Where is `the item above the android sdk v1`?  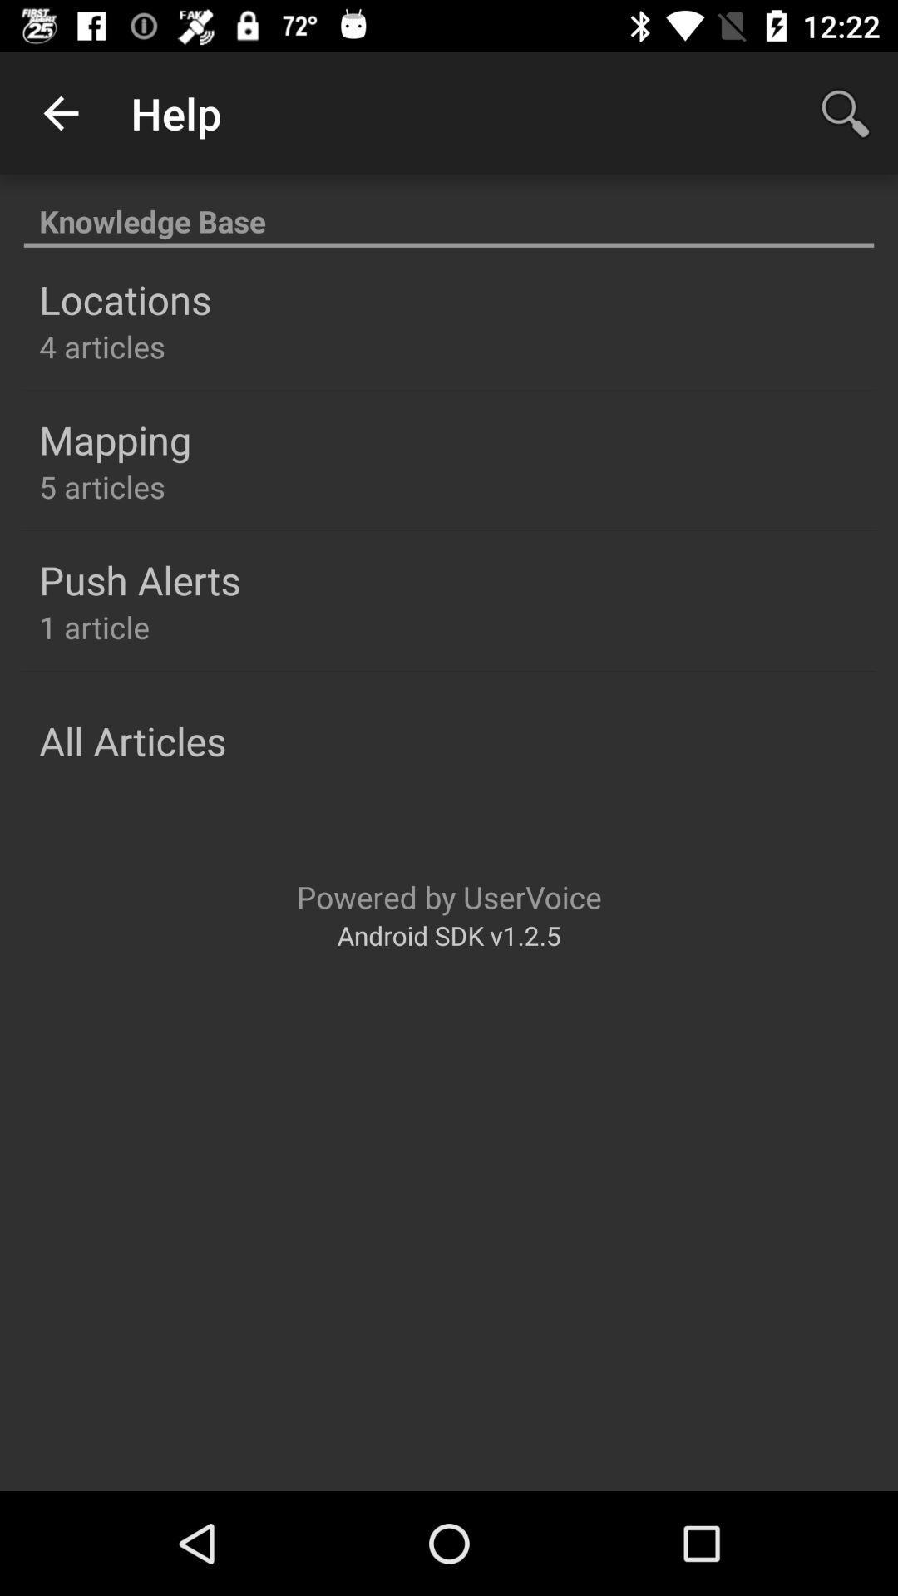 the item above the android sdk v1 is located at coordinates (449, 896).